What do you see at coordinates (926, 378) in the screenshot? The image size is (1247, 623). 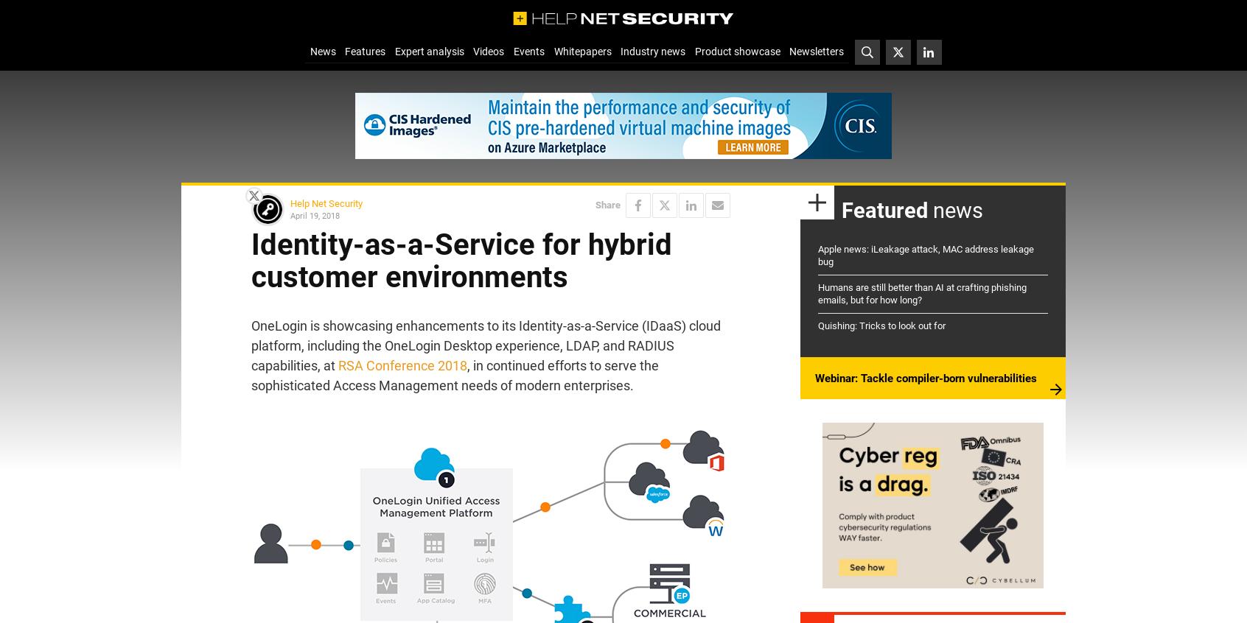 I see `'Webinar: Tackle compiler-born vulnerabilities'` at bounding box center [926, 378].